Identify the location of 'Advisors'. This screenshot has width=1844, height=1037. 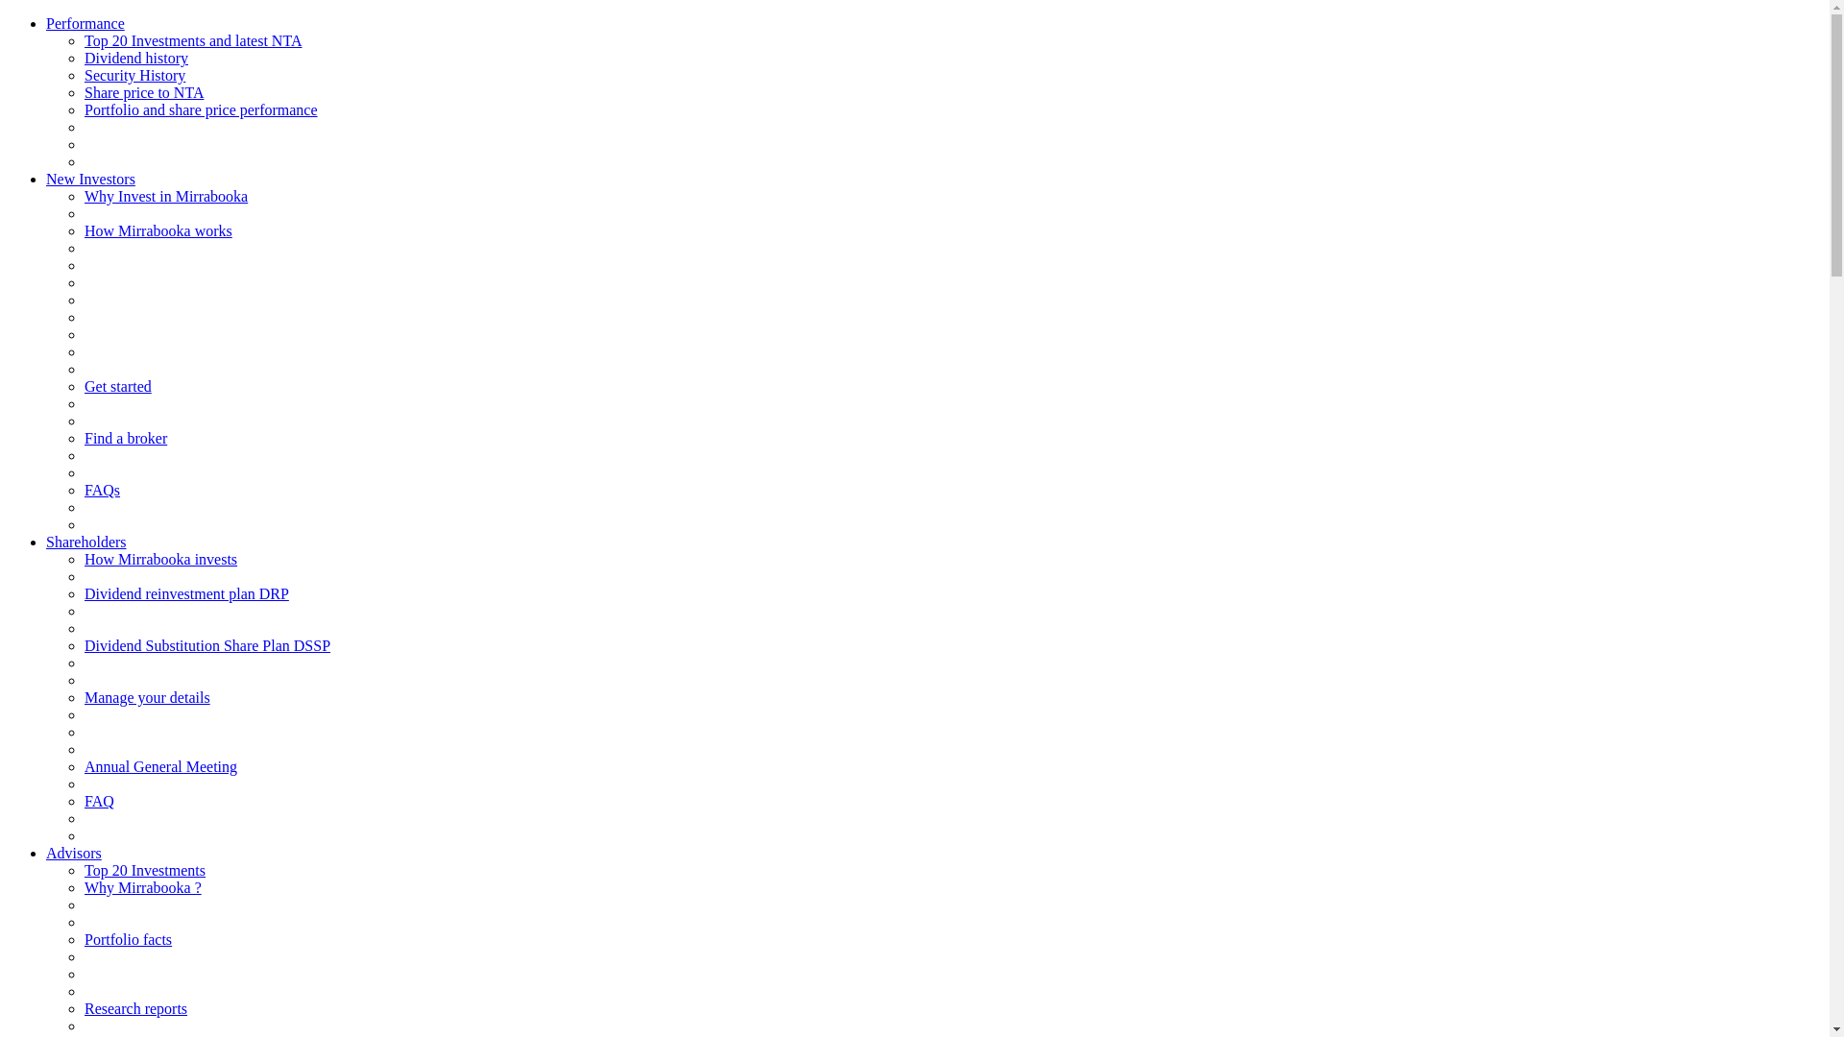
(73, 852).